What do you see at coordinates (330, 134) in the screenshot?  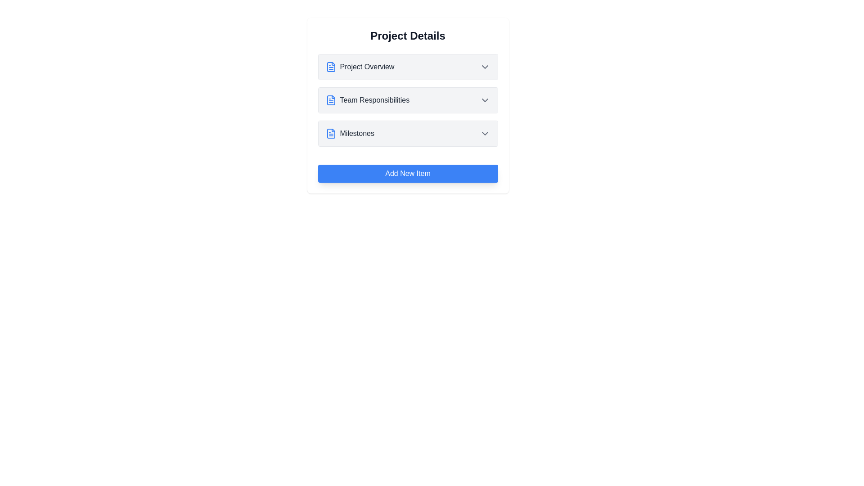 I see `the icon next to the item title Milestones` at bounding box center [330, 134].